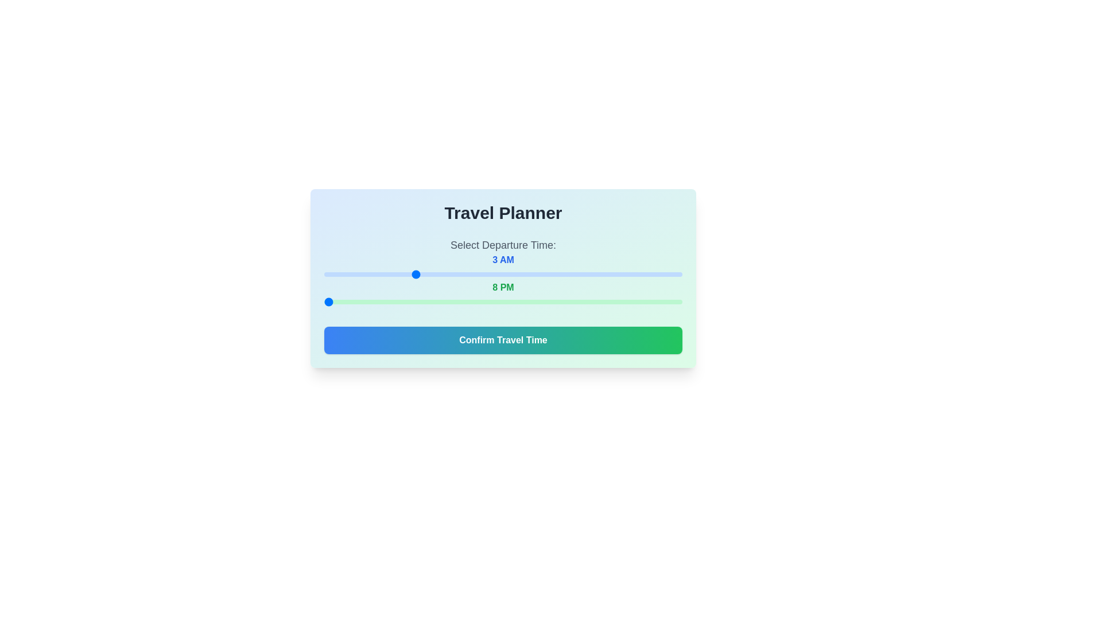  I want to click on the slider value, so click(592, 301).